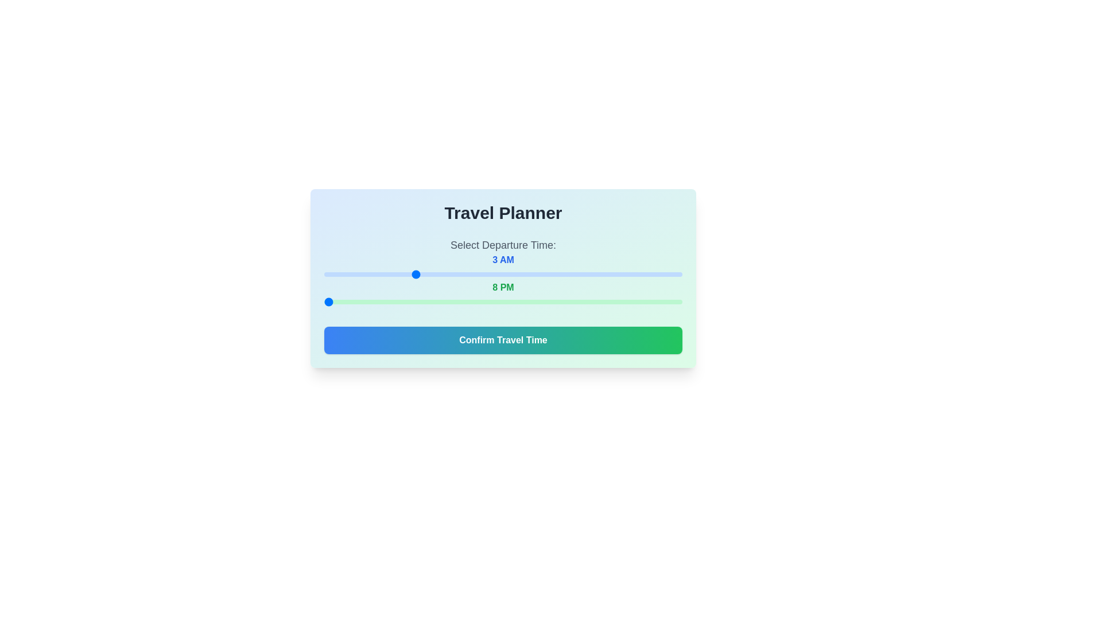  I want to click on the slider value, so click(592, 301).